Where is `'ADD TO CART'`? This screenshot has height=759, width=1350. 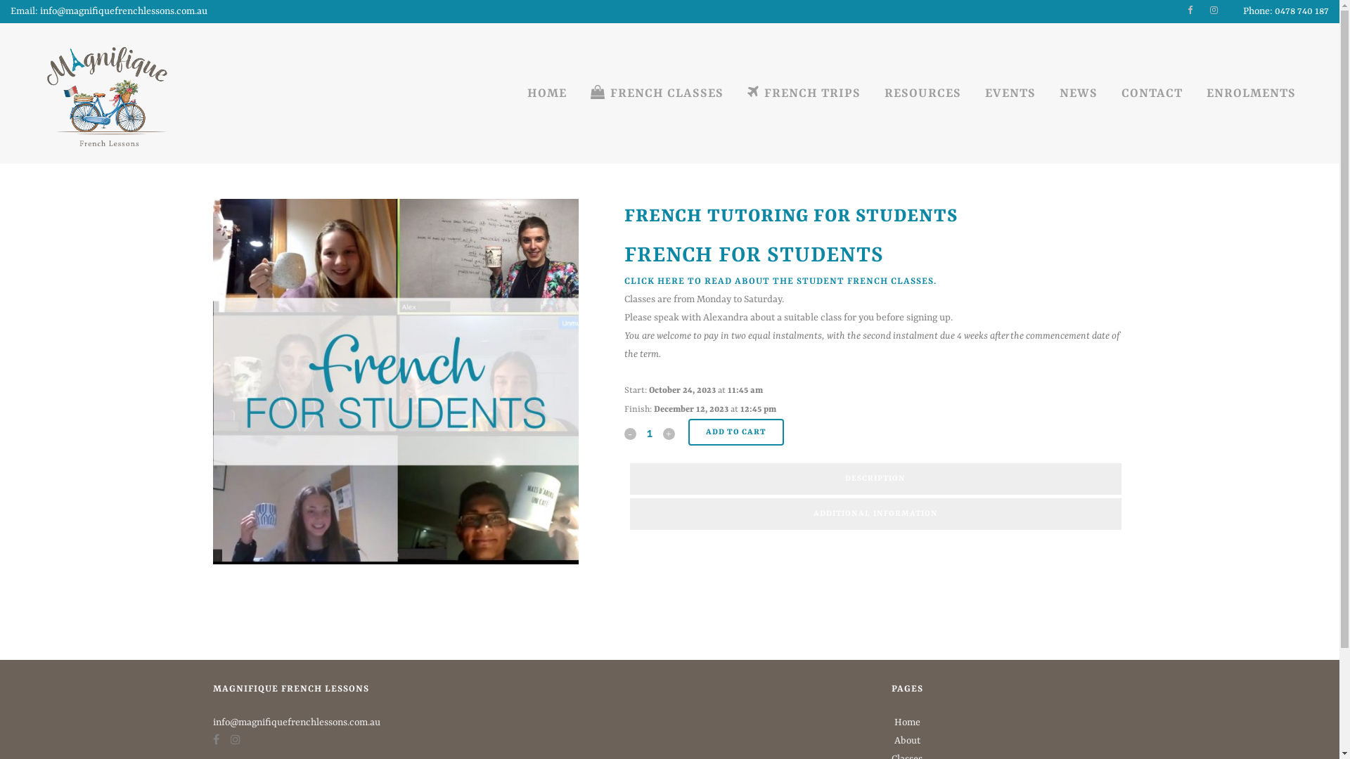 'ADD TO CART' is located at coordinates (735, 431).